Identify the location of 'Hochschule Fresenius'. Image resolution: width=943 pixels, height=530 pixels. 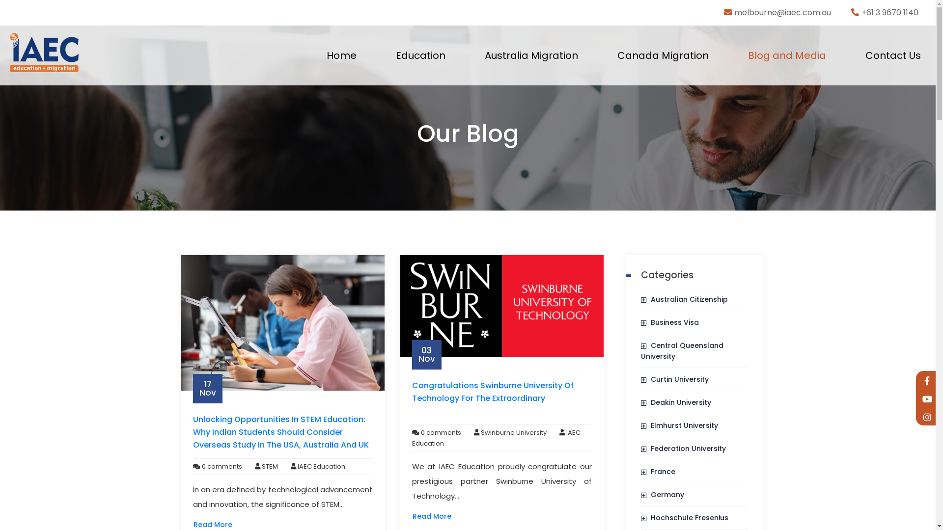
(641, 517).